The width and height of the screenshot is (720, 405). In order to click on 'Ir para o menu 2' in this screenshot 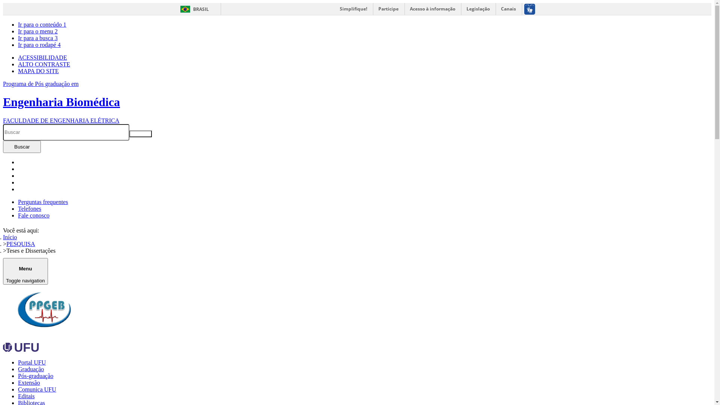, I will do `click(37, 31)`.